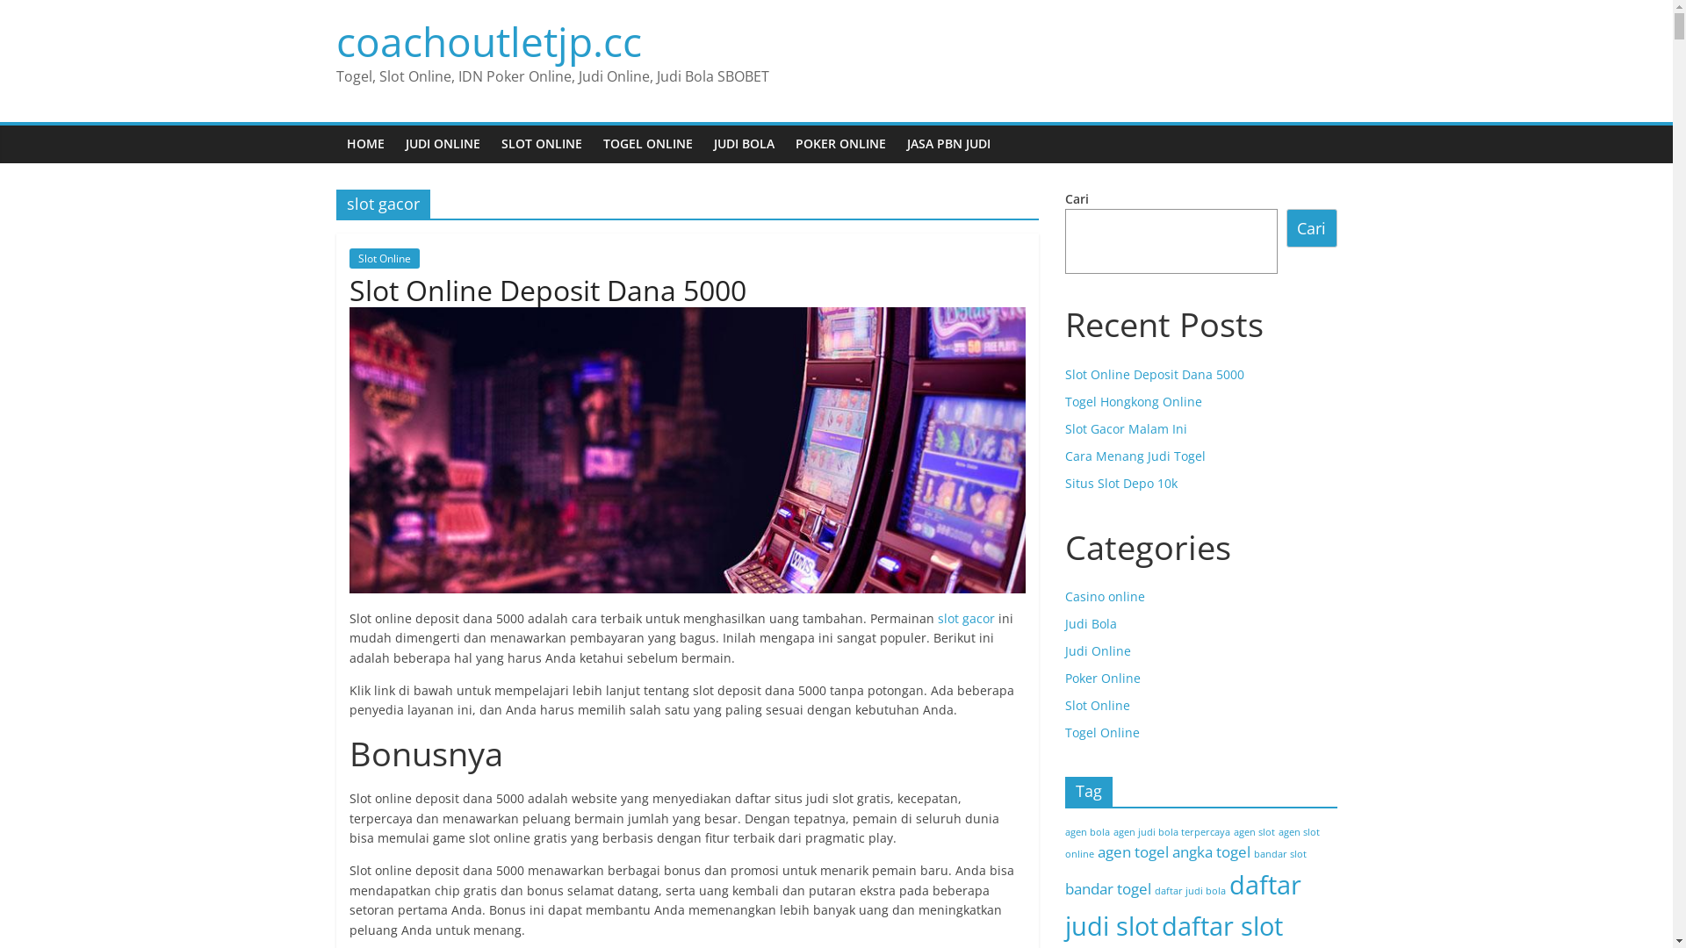 The image size is (1686, 948). Describe the element at coordinates (1106, 888) in the screenshot. I see `'bandar togel'` at that location.